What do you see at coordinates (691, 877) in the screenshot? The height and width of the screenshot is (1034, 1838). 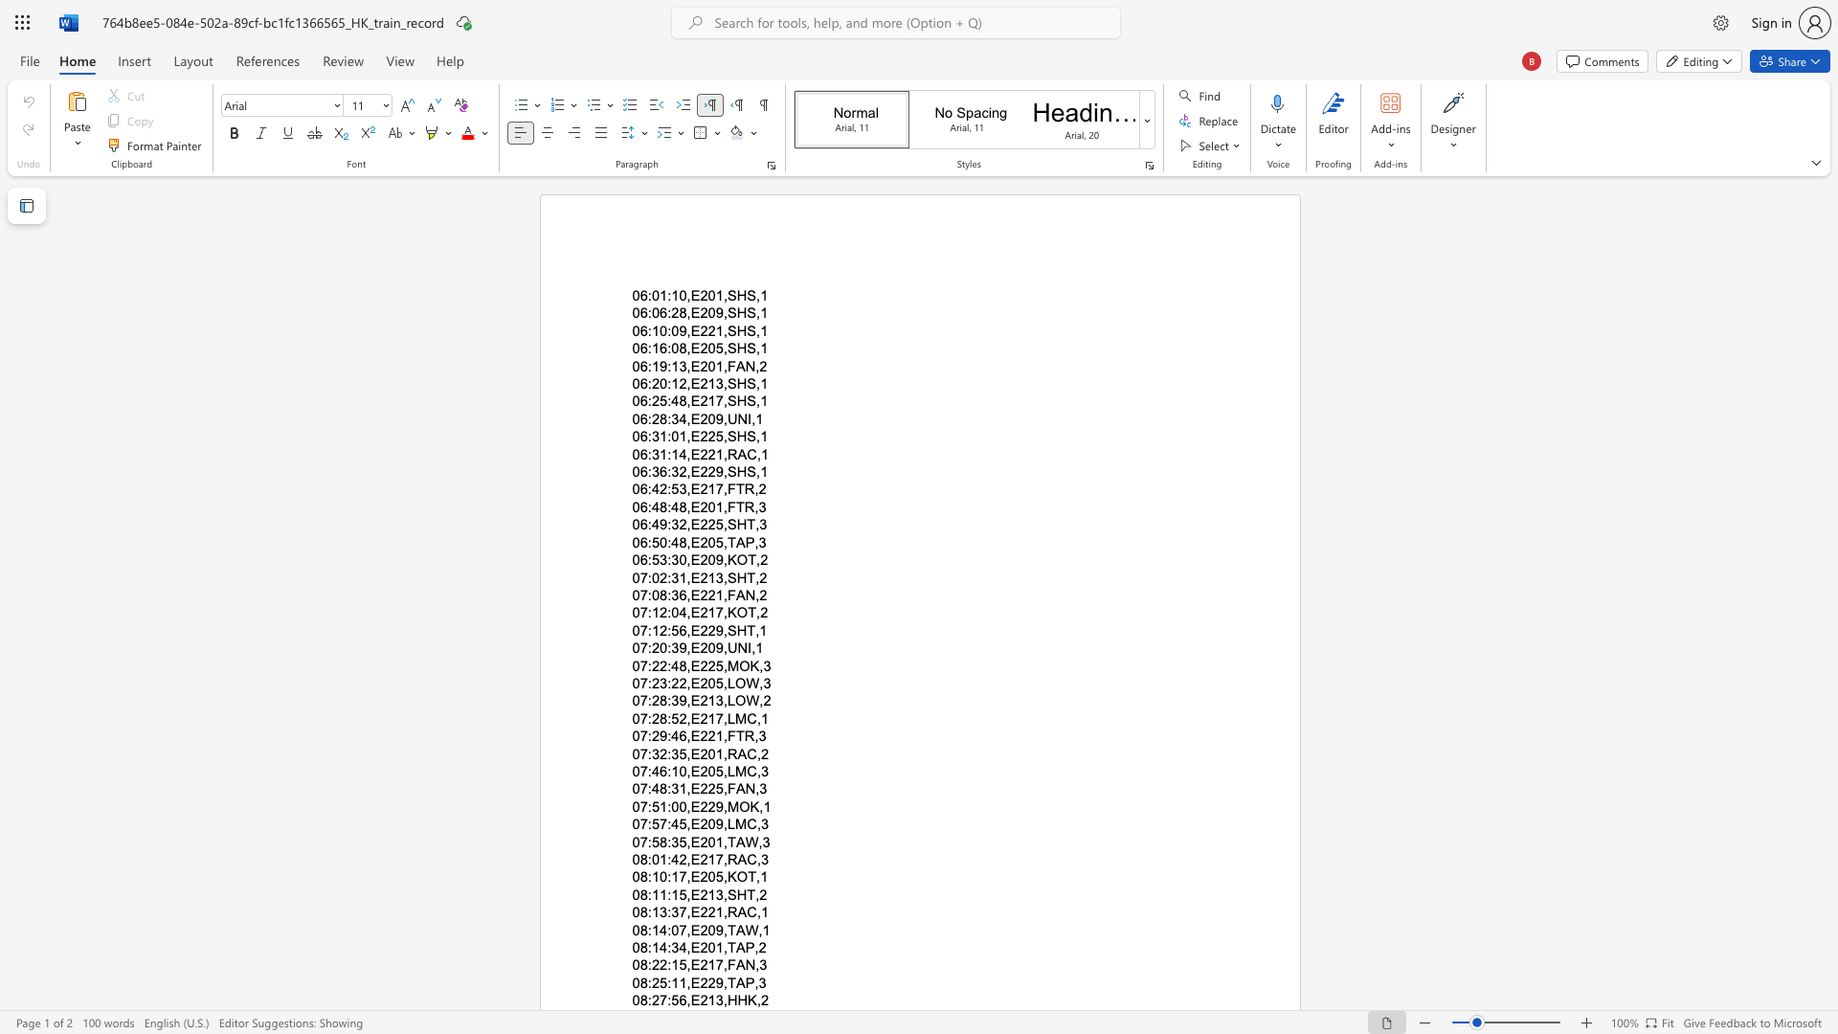 I see `the space between the continuous character "," and "E" in the text` at bounding box center [691, 877].